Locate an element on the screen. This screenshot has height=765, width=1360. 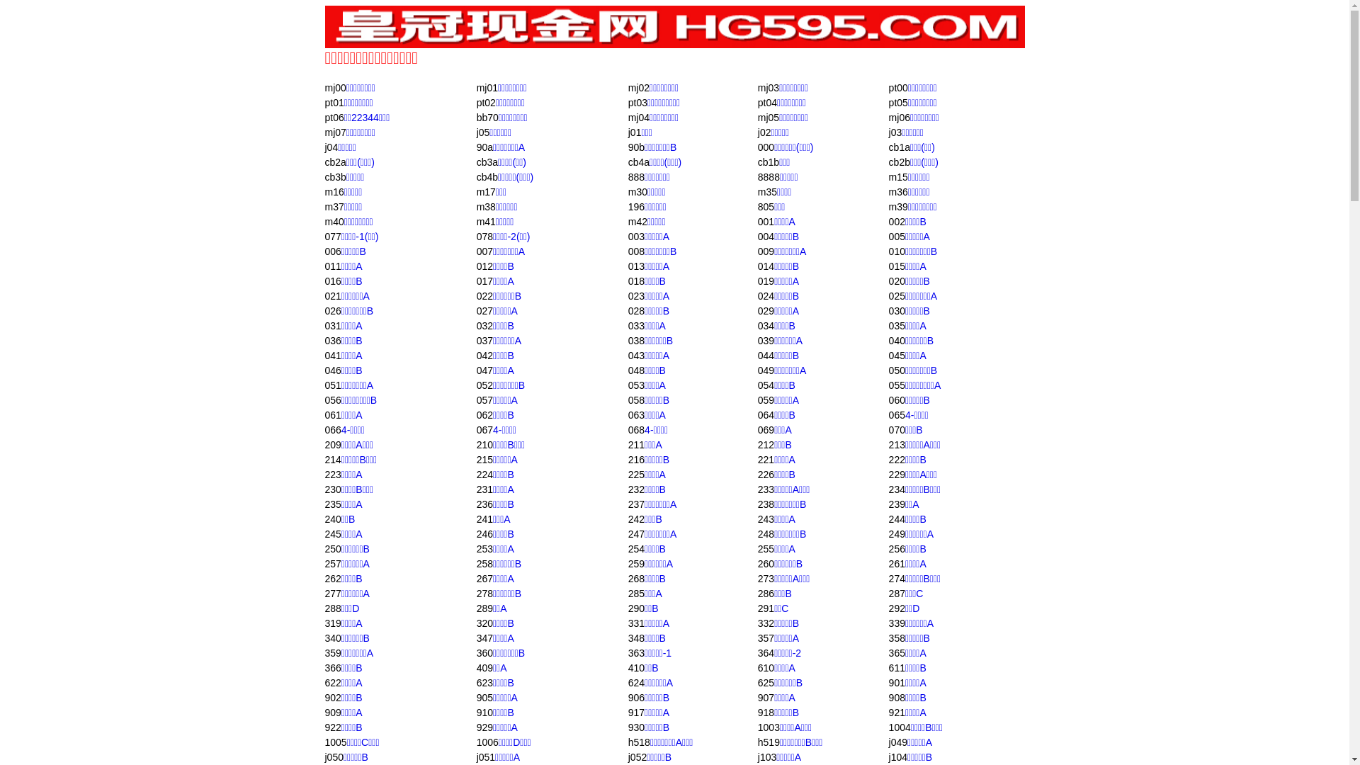
'257' is located at coordinates (331, 562).